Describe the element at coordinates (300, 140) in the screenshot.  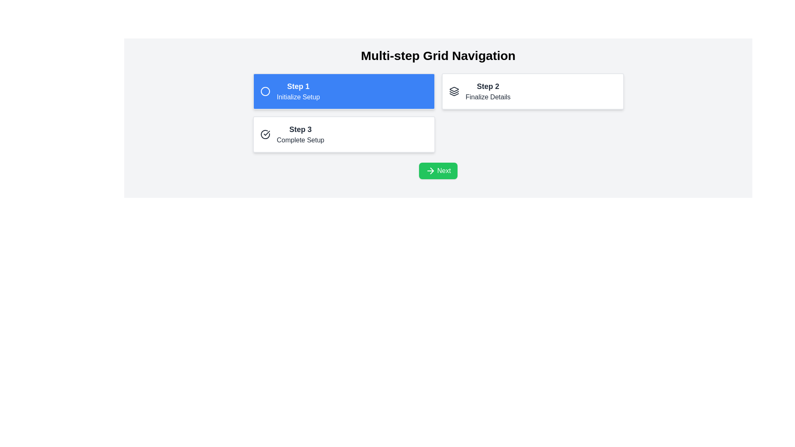
I see `text label displaying 'Complete Setup' which is positioned under the 'Step 3' header in the multi-step process interface` at that location.